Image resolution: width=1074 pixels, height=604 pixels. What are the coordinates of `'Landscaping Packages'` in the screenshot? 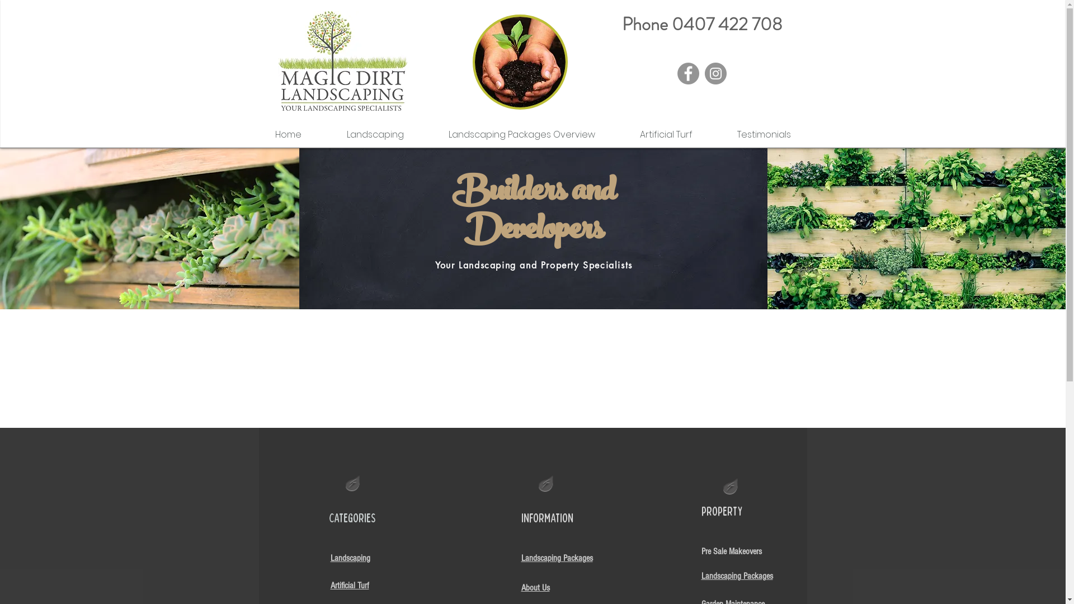 It's located at (557, 557).